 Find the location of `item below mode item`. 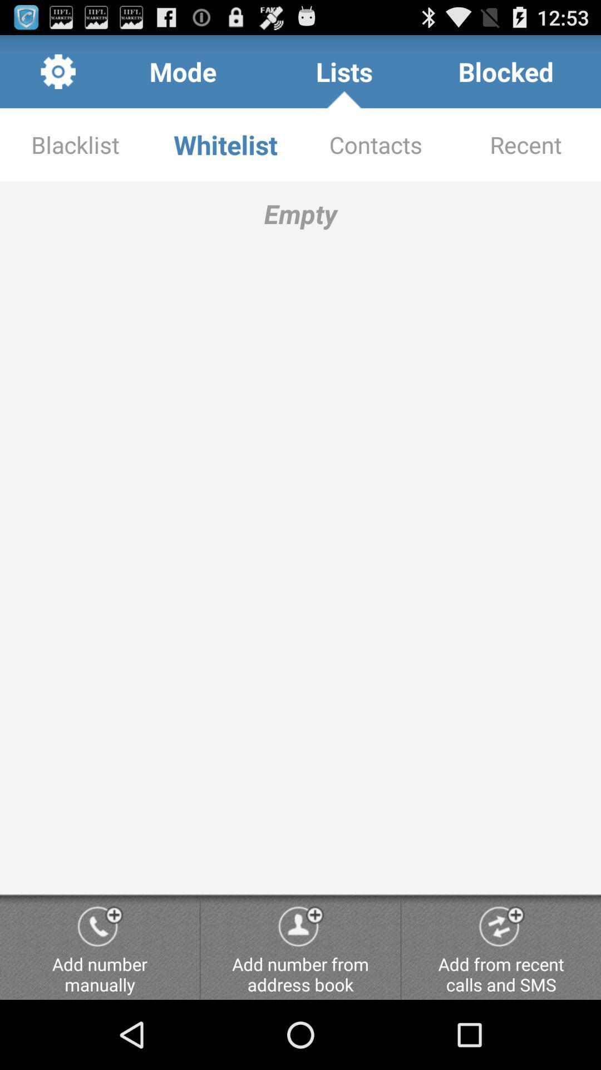

item below mode item is located at coordinates (225, 144).